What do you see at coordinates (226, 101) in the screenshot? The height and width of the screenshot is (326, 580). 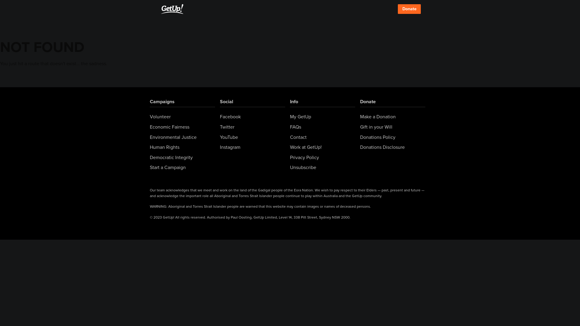 I see `'Social'` at bounding box center [226, 101].